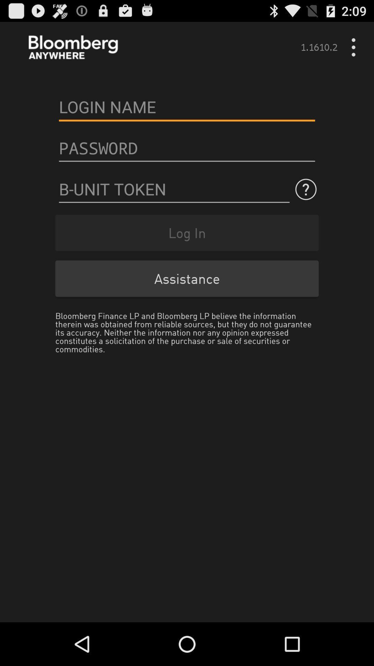 The width and height of the screenshot is (374, 666). Describe the element at coordinates (187, 233) in the screenshot. I see `the log in` at that location.